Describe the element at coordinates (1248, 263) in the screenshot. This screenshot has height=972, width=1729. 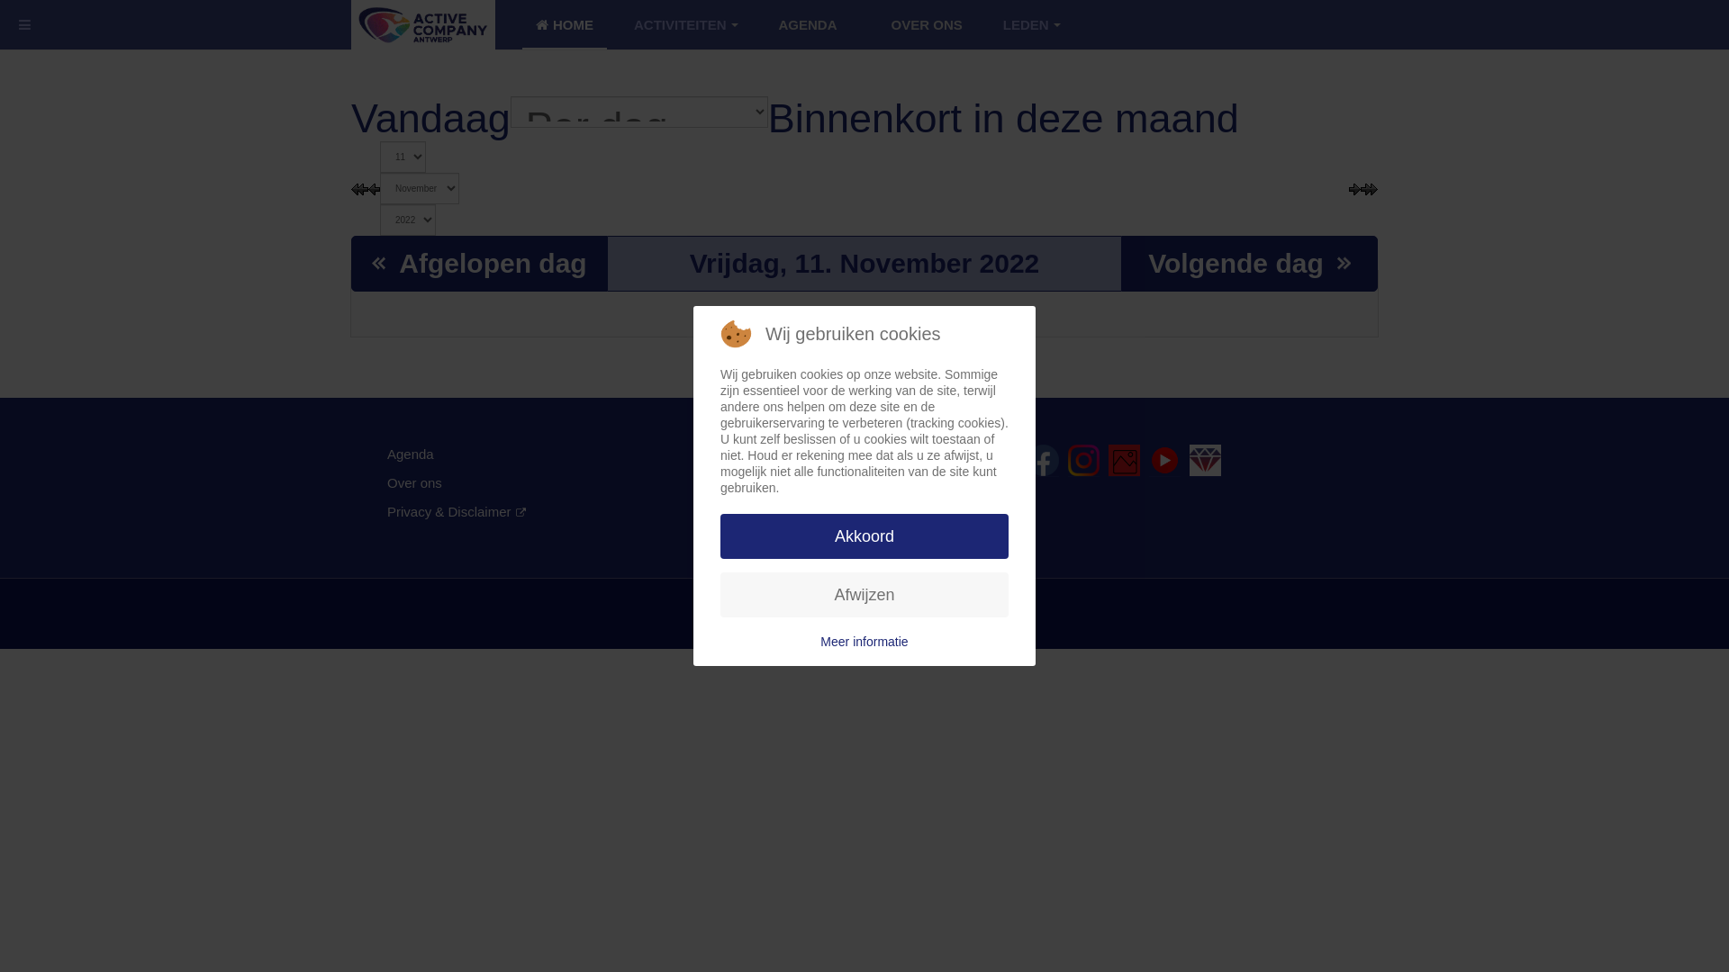
I see `'Volgende dag'` at that location.